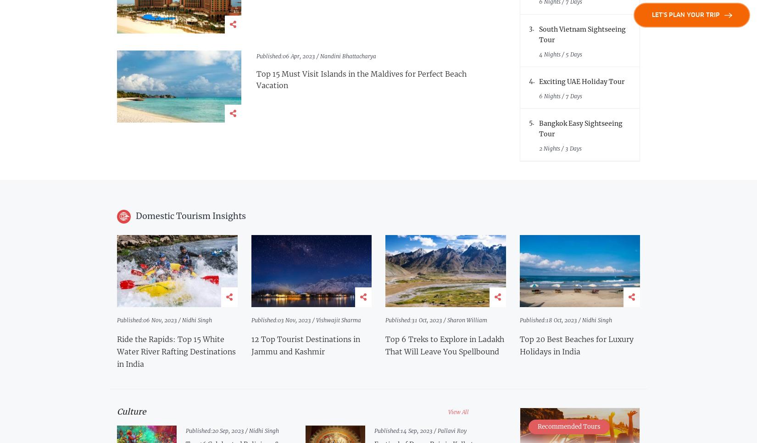  I want to click on 'Bangkok Easy Sightseeing Tour', so click(580, 128).